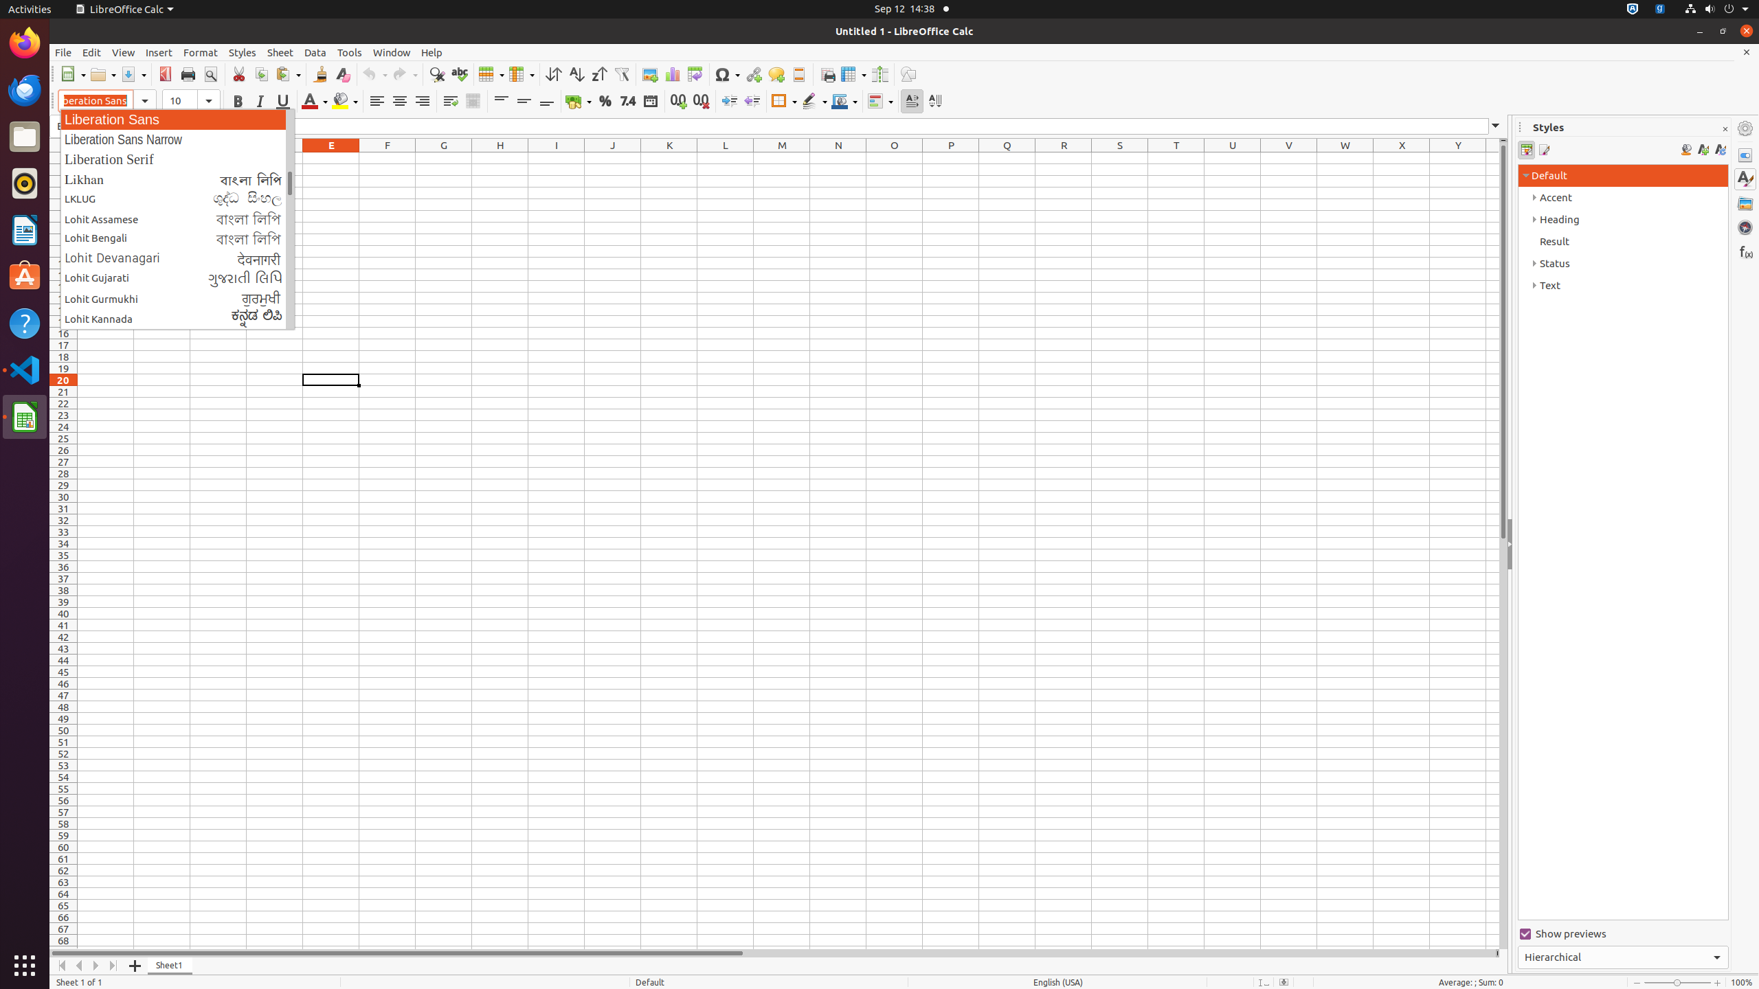 The image size is (1759, 989). What do you see at coordinates (348, 52) in the screenshot?
I see `'Tools'` at bounding box center [348, 52].